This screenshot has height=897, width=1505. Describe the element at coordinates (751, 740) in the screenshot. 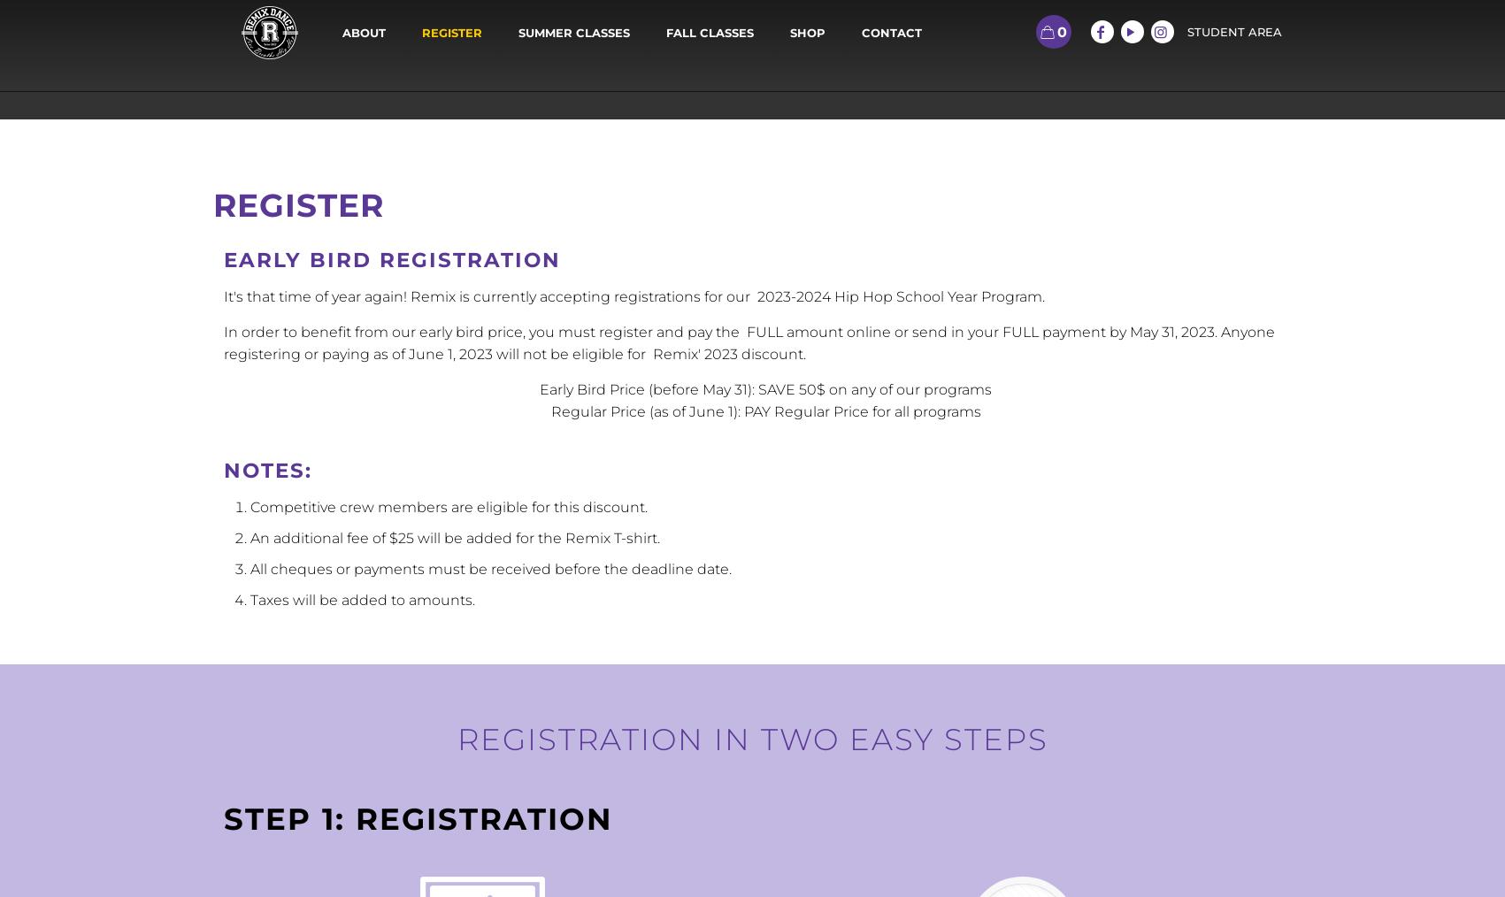

I see `'Registration in two easy steps'` at that location.